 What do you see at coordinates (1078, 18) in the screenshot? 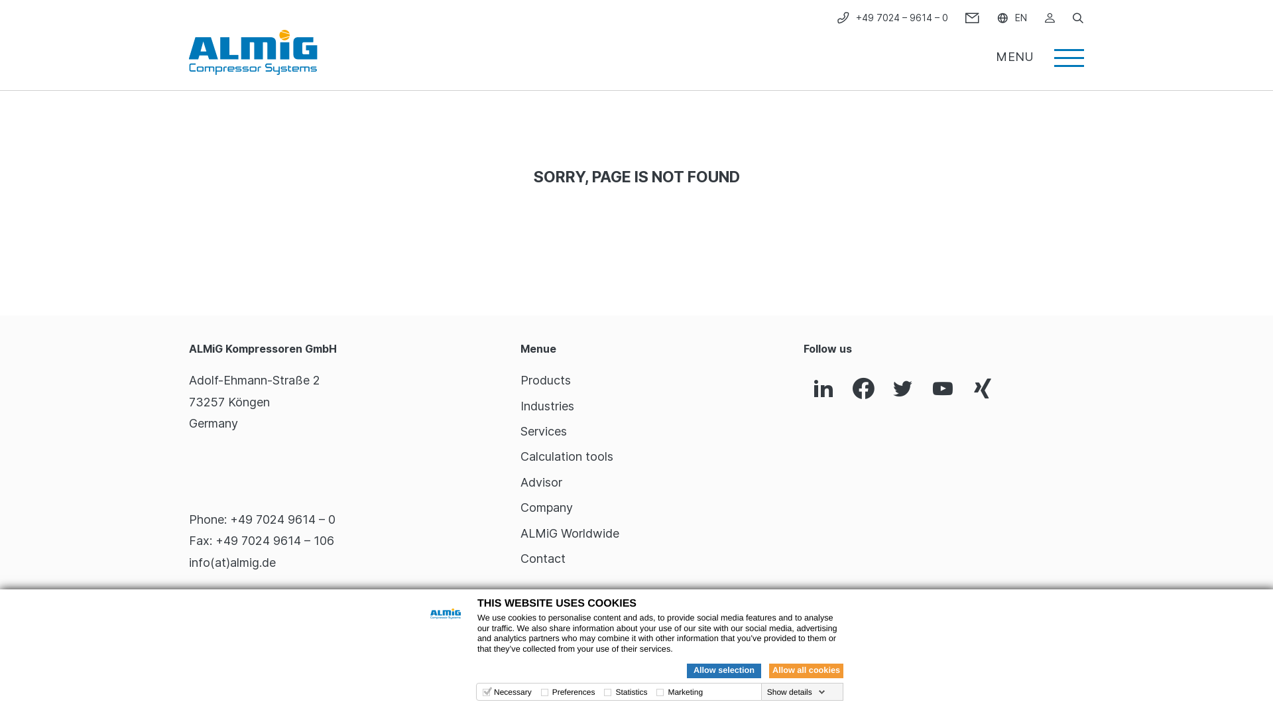
I see `'SEARCH'` at bounding box center [1078, 18].